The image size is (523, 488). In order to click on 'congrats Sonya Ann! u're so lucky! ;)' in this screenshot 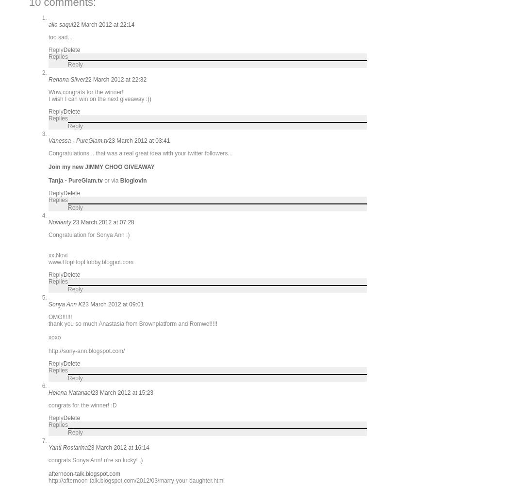, I will do `click(95, 459)`.